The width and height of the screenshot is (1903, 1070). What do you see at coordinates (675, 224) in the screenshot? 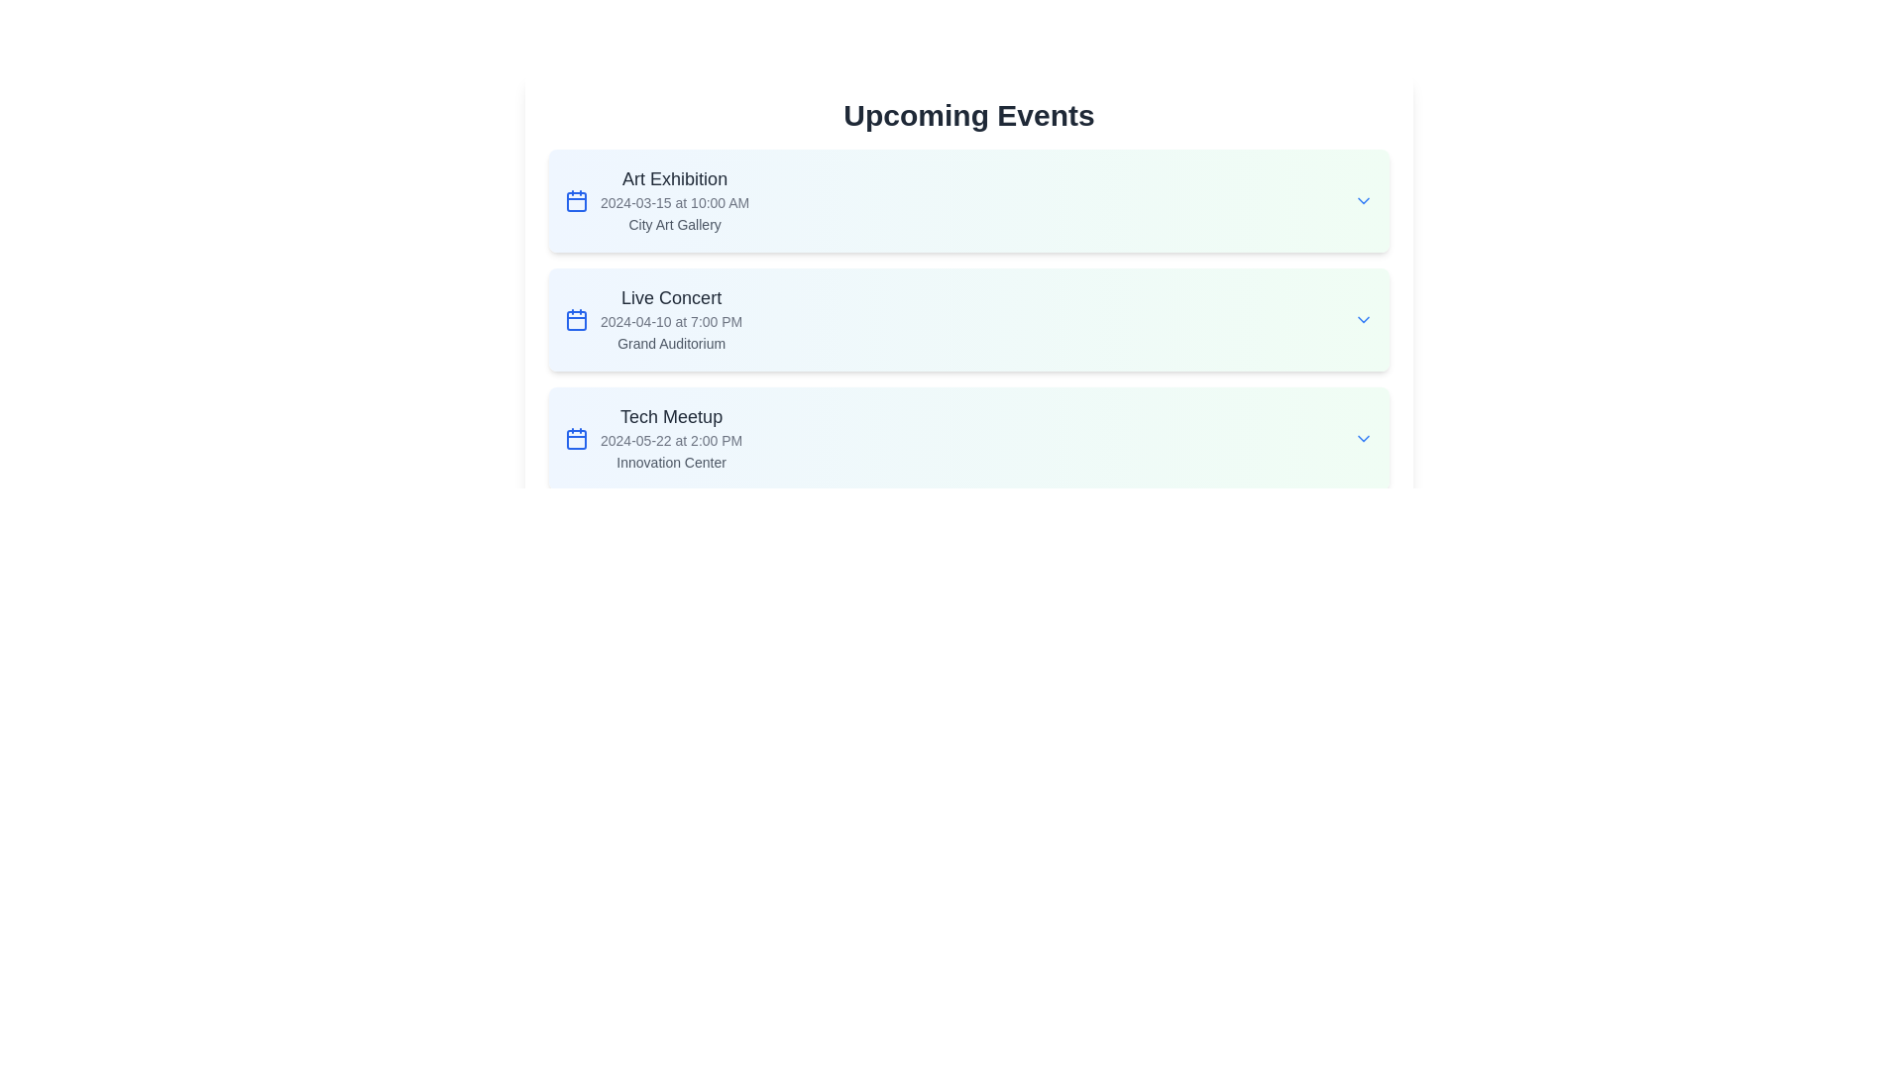
I see `the static text label reading 'City Art Gallery', which is styled in a small, gray font and located below the event date within the 'Art Exhibition' section of the 'Upcoming Events' list` at bounding box center [675, 224].